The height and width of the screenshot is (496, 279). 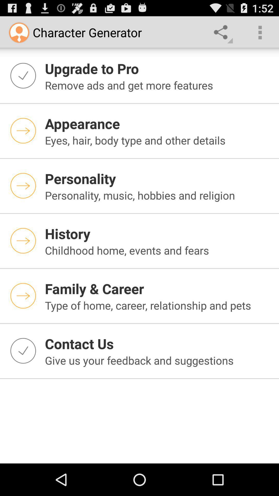 What do you see at coordinates (158, 85) in the screenshot?
I see `the remove ads and item` at bounding box center [158, 85].